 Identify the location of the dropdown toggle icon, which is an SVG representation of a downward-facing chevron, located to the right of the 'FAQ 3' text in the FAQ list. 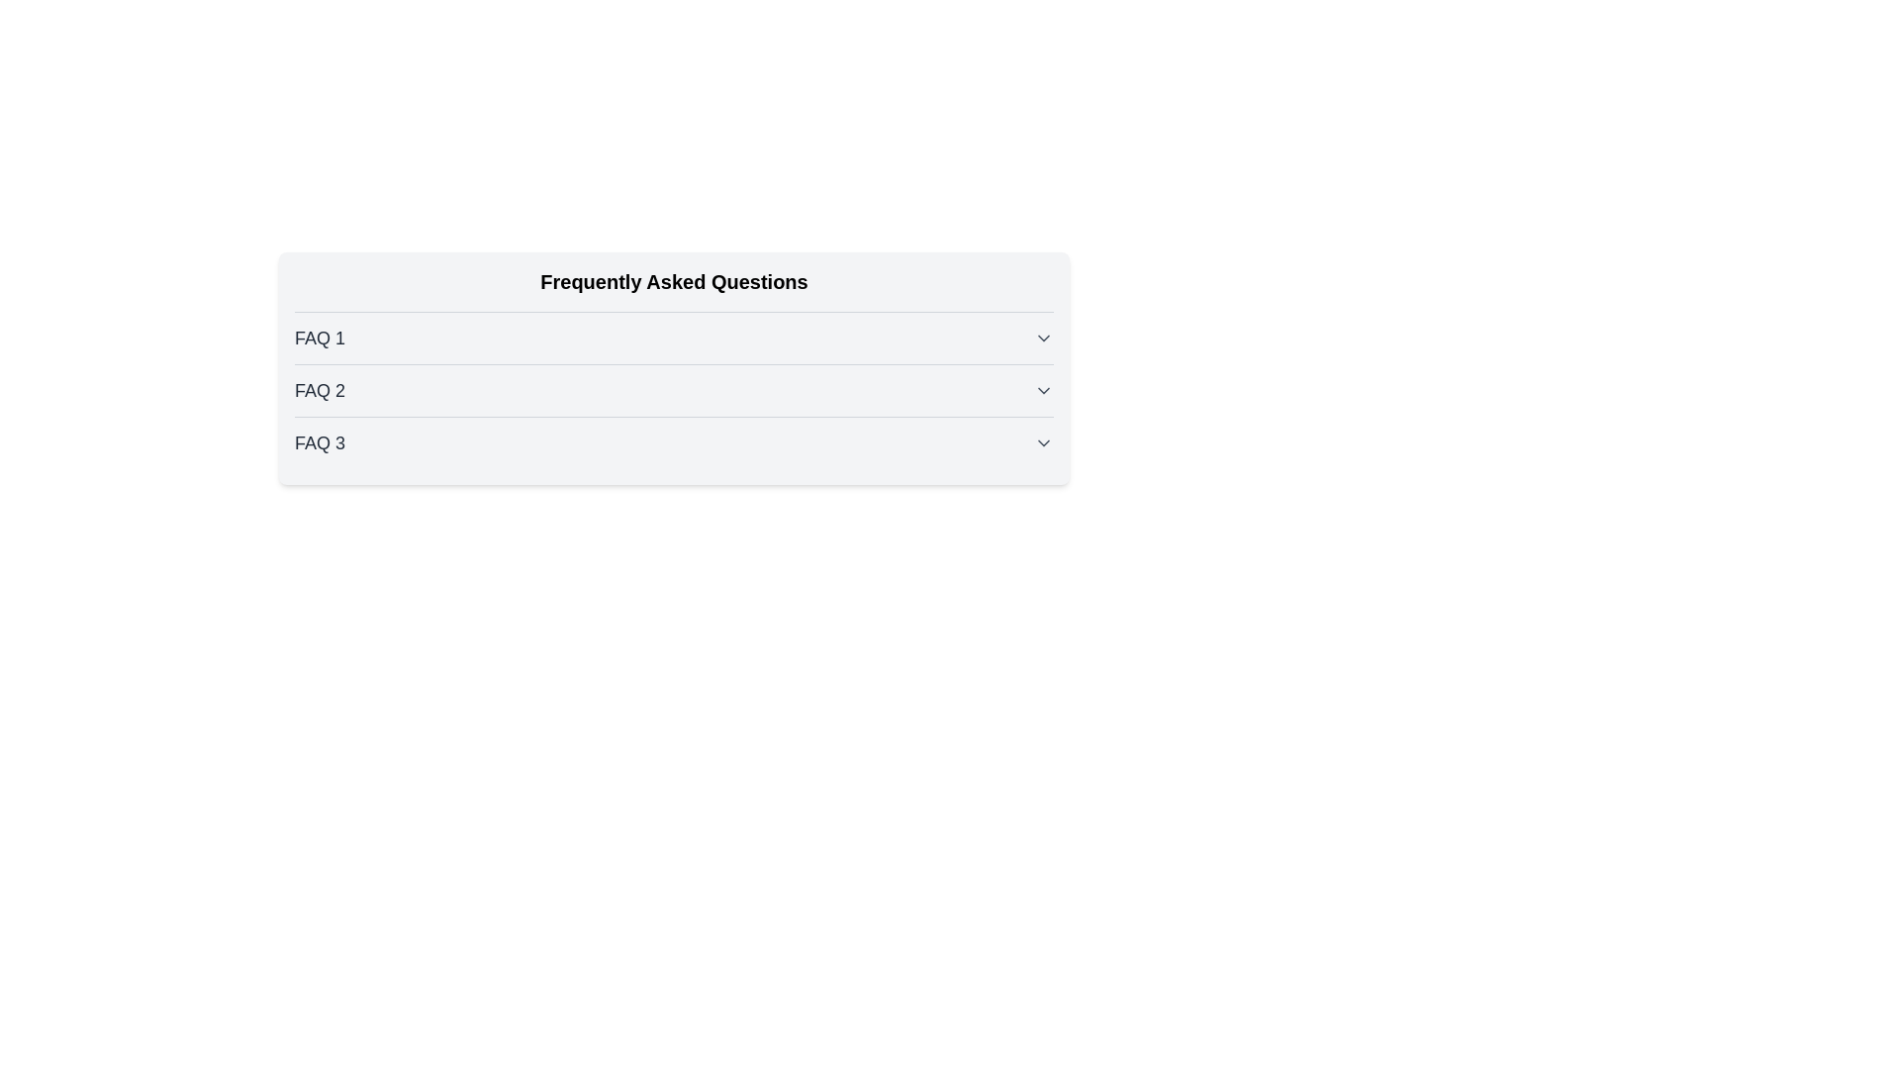
(1043, 441).